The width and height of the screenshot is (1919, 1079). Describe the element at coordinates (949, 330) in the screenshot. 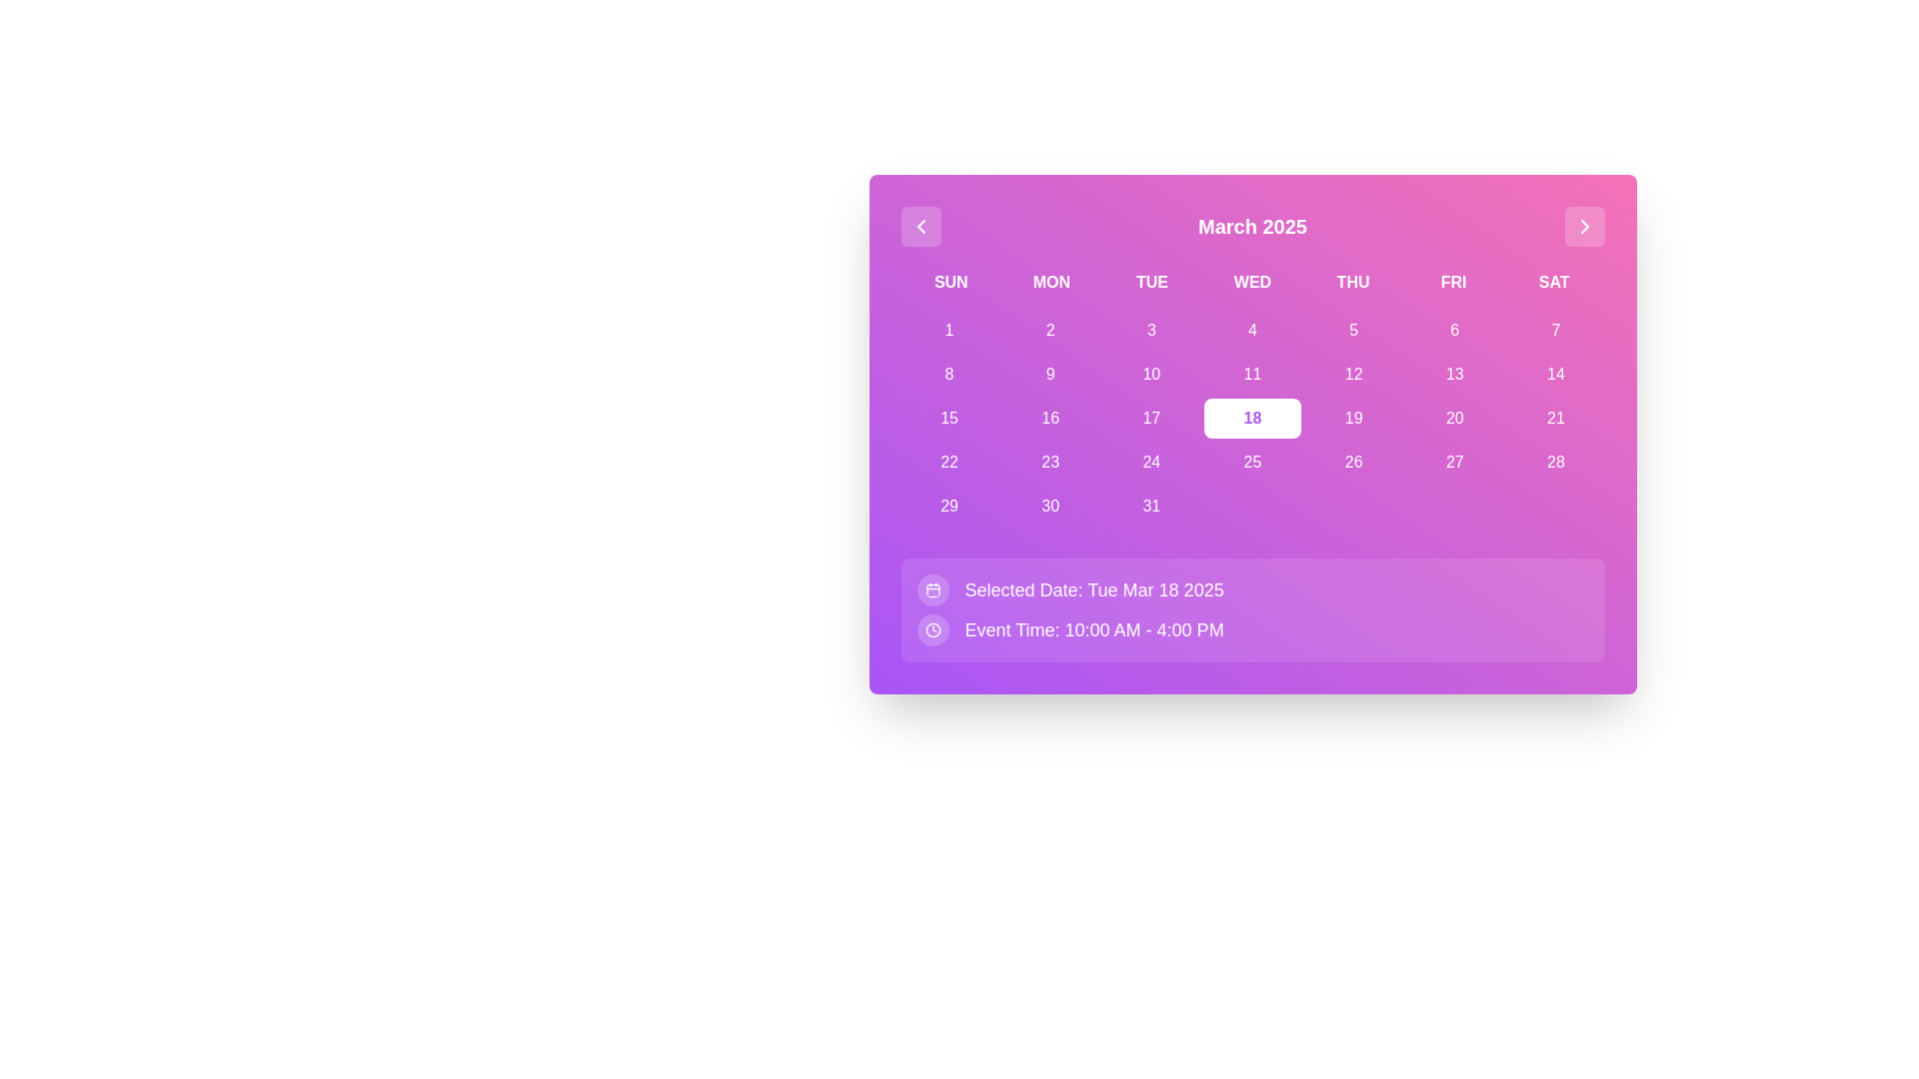

I see `the button representing the first day (Sunday) in the calendar view for March 2025` at that location.